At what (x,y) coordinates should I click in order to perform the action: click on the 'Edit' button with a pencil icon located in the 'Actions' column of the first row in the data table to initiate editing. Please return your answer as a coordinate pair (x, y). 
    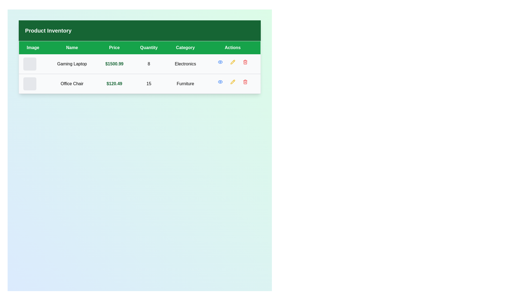
    Looking at the image, I should click on (233, 62).